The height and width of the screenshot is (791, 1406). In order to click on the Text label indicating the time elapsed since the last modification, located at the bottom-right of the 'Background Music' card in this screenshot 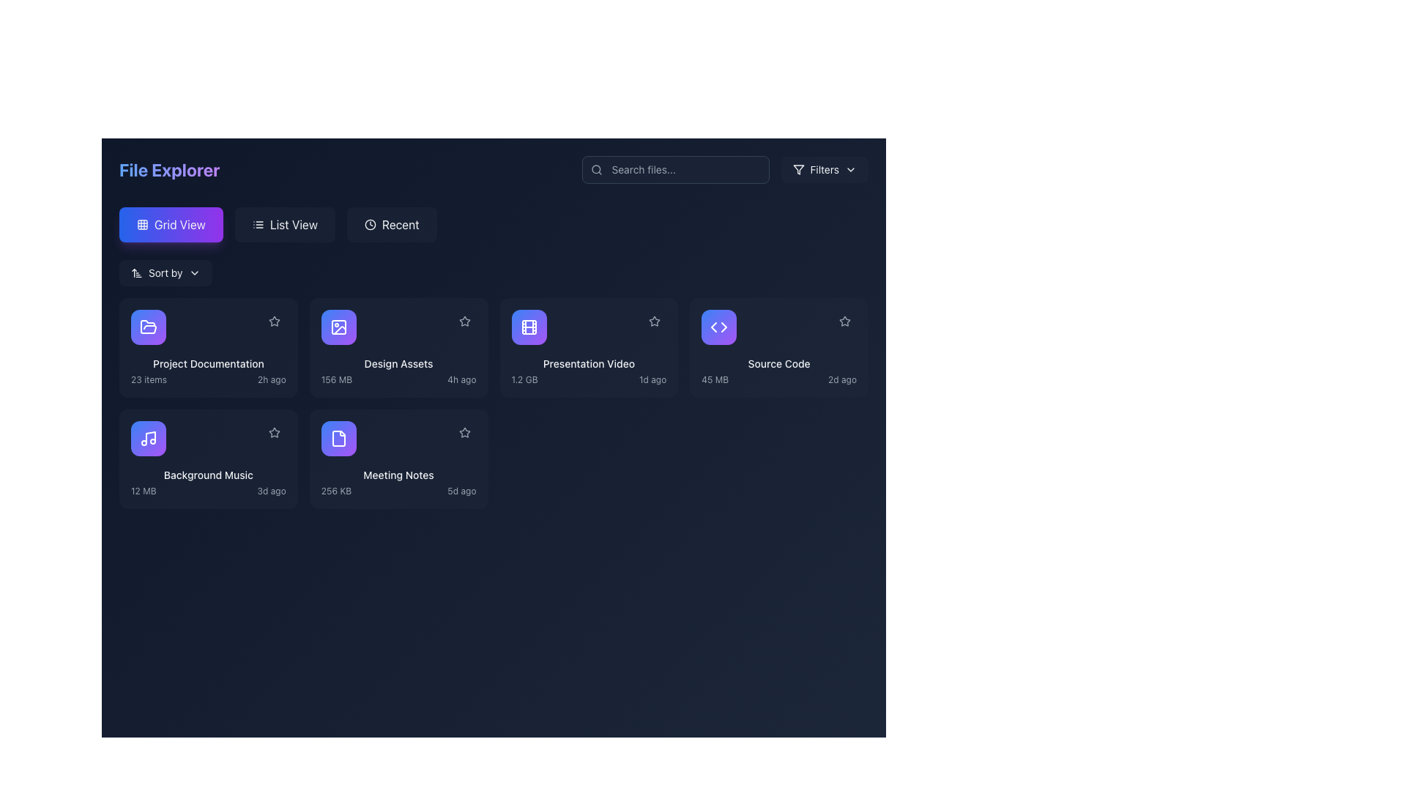, I will do `click(272, 491)`.